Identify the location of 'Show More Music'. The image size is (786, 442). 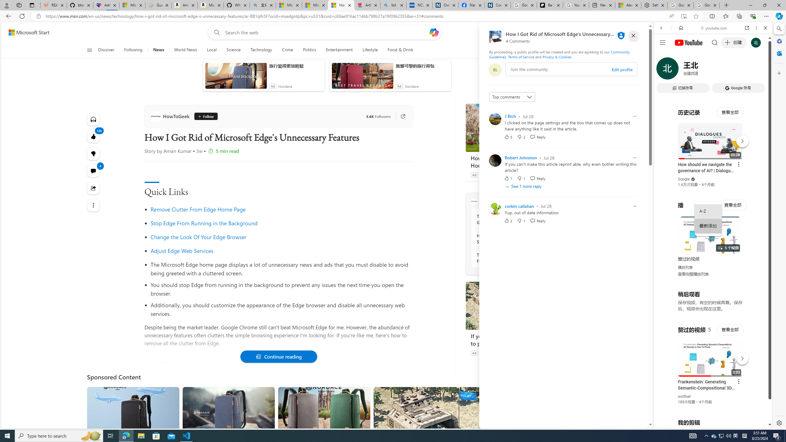
(750, 167).